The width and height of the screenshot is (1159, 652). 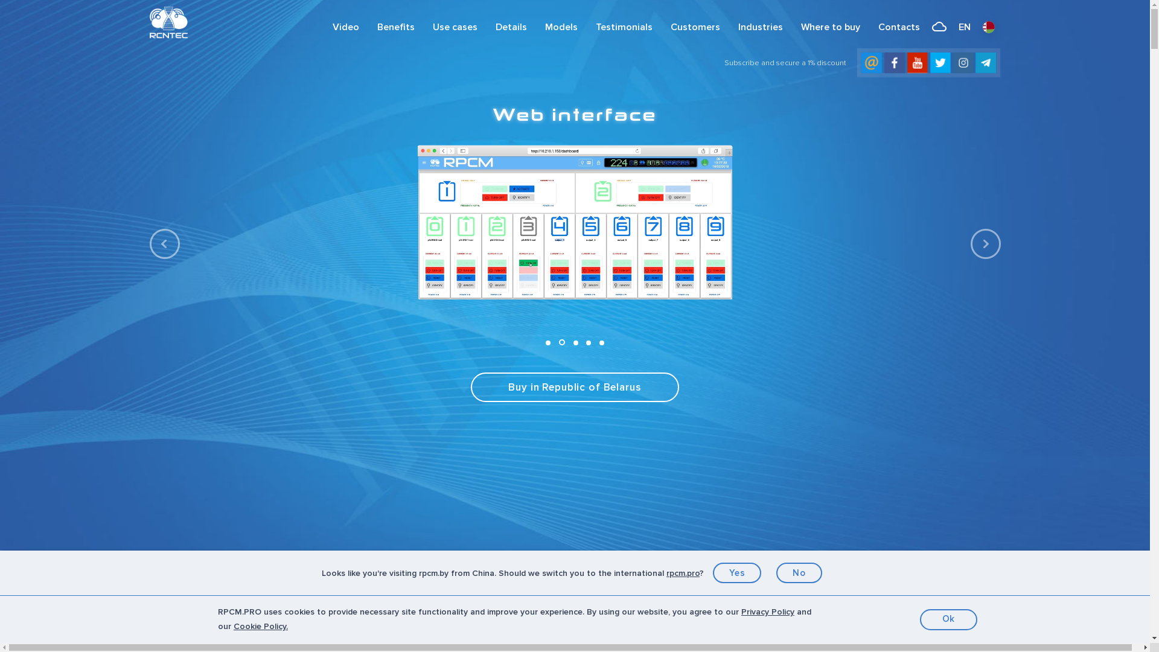 I want to click on 'Details', so click(x=487, y=27).